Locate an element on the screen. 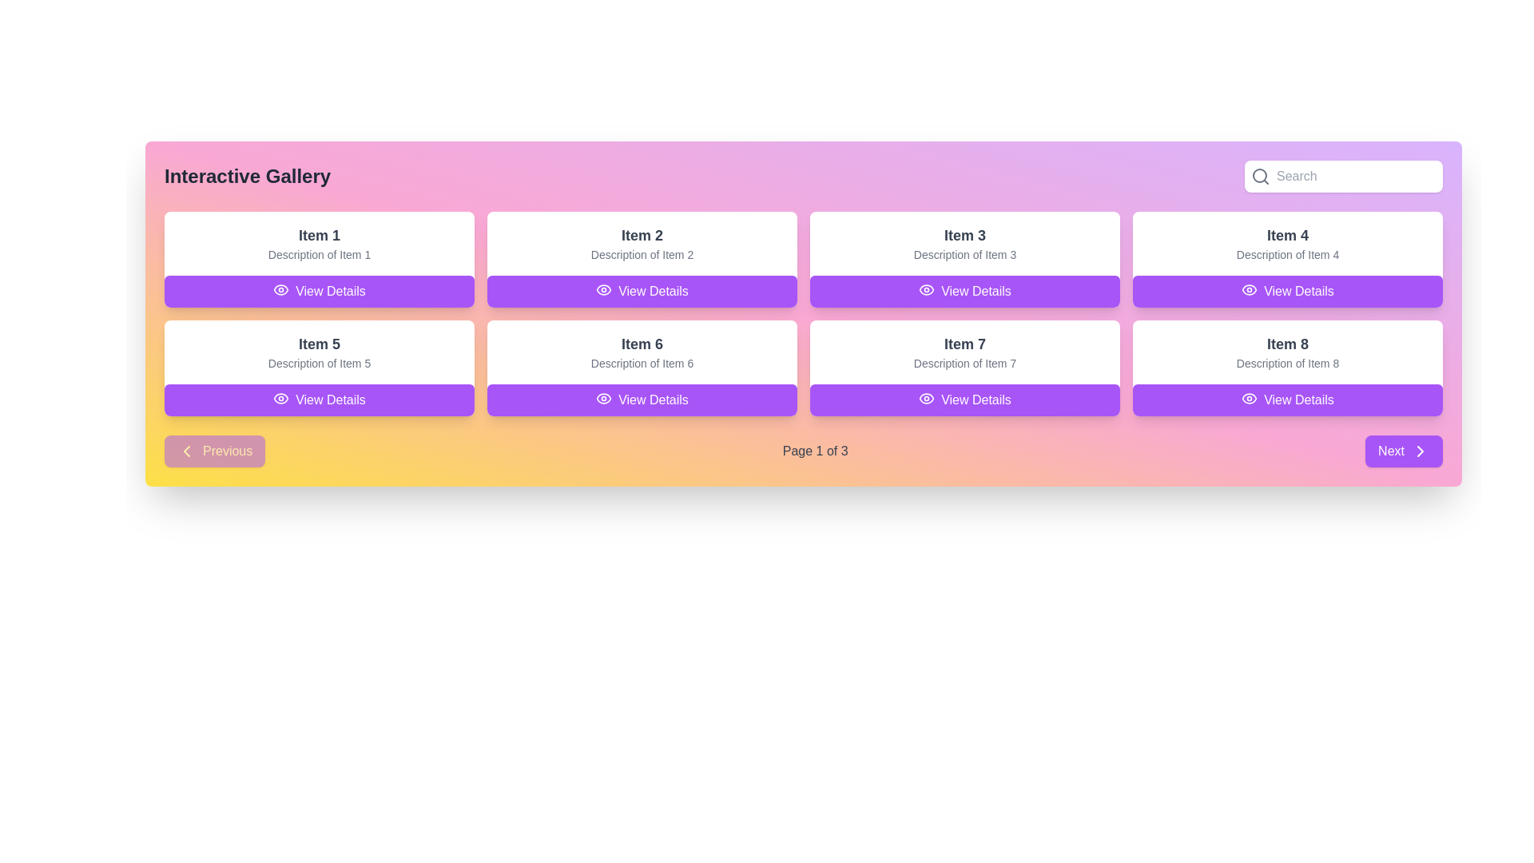  the button located below the description text of 'Item 7' in the bottom-right corner of the grid layout is located at coordinates (964, 400).